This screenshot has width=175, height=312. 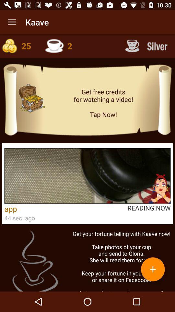 What do you see at coordinates (153, 269) in the screenshot?
I see `the add icon` at bounding box center [153, 269].